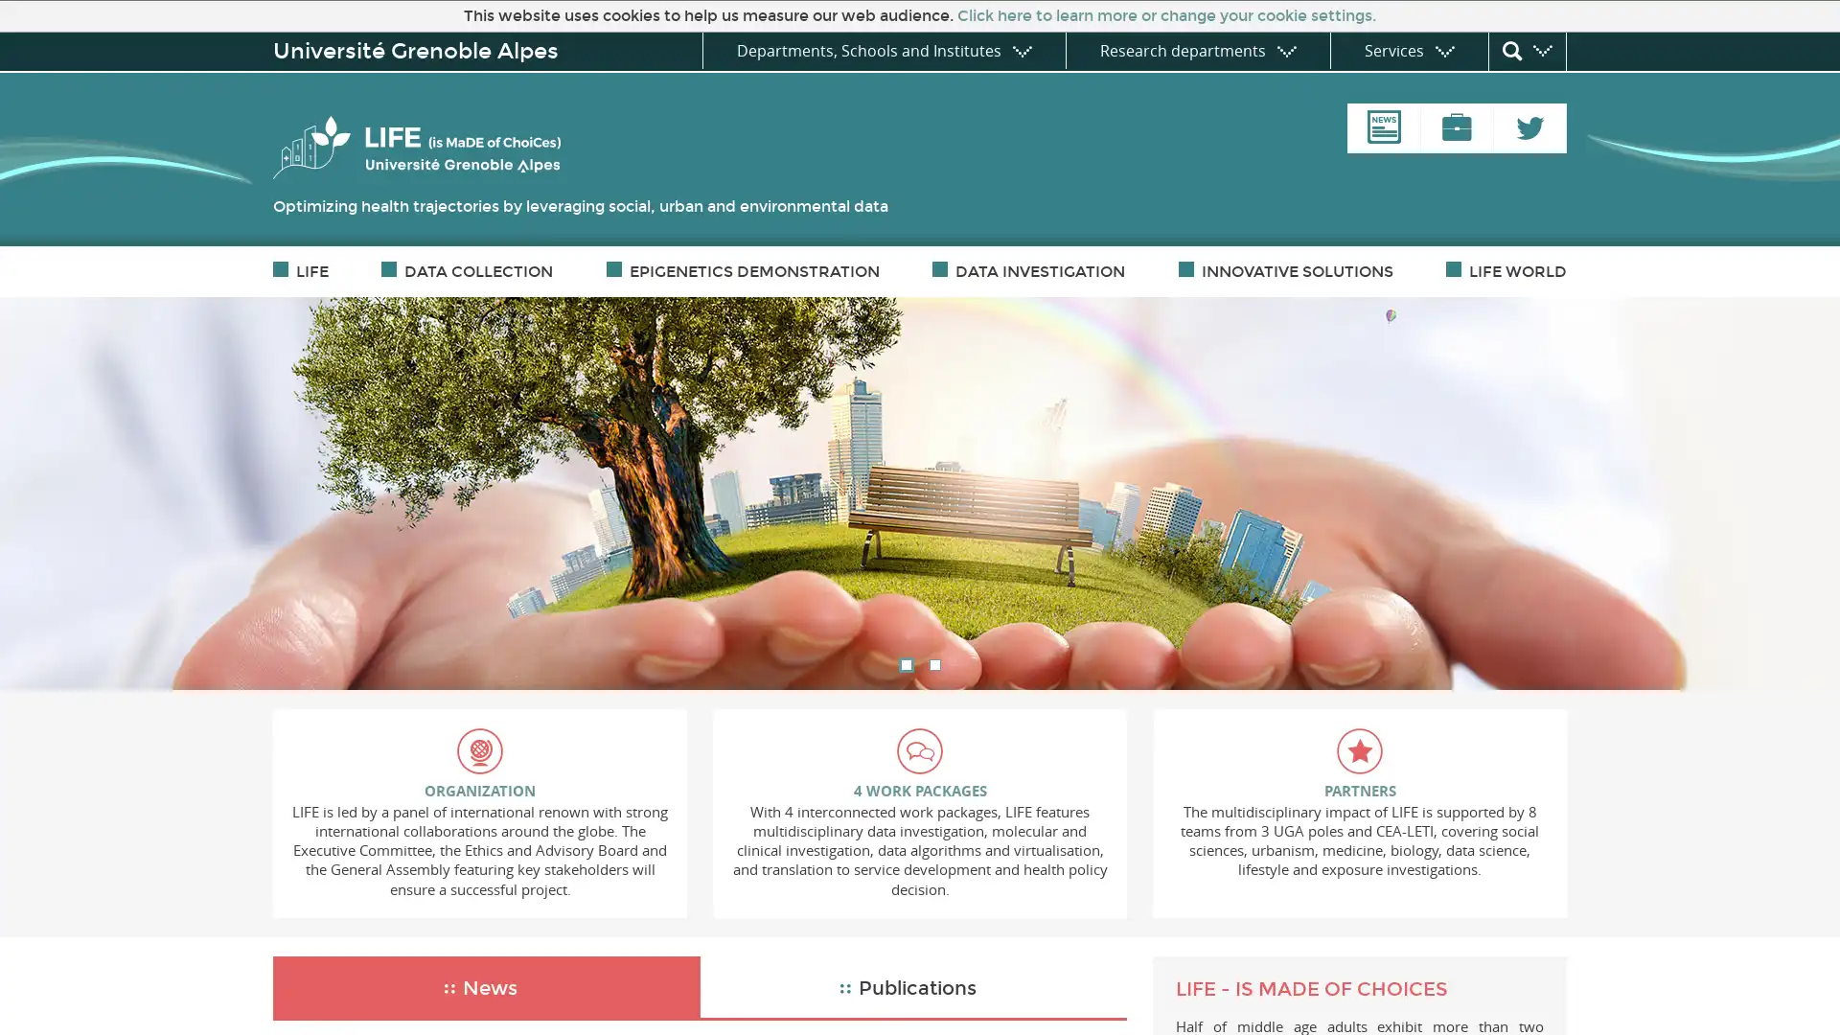  What do you see at coordinates (883, 50) in the screenshot?
I see `Departments, Schools and Institutes` at bounding box center [883, 50].